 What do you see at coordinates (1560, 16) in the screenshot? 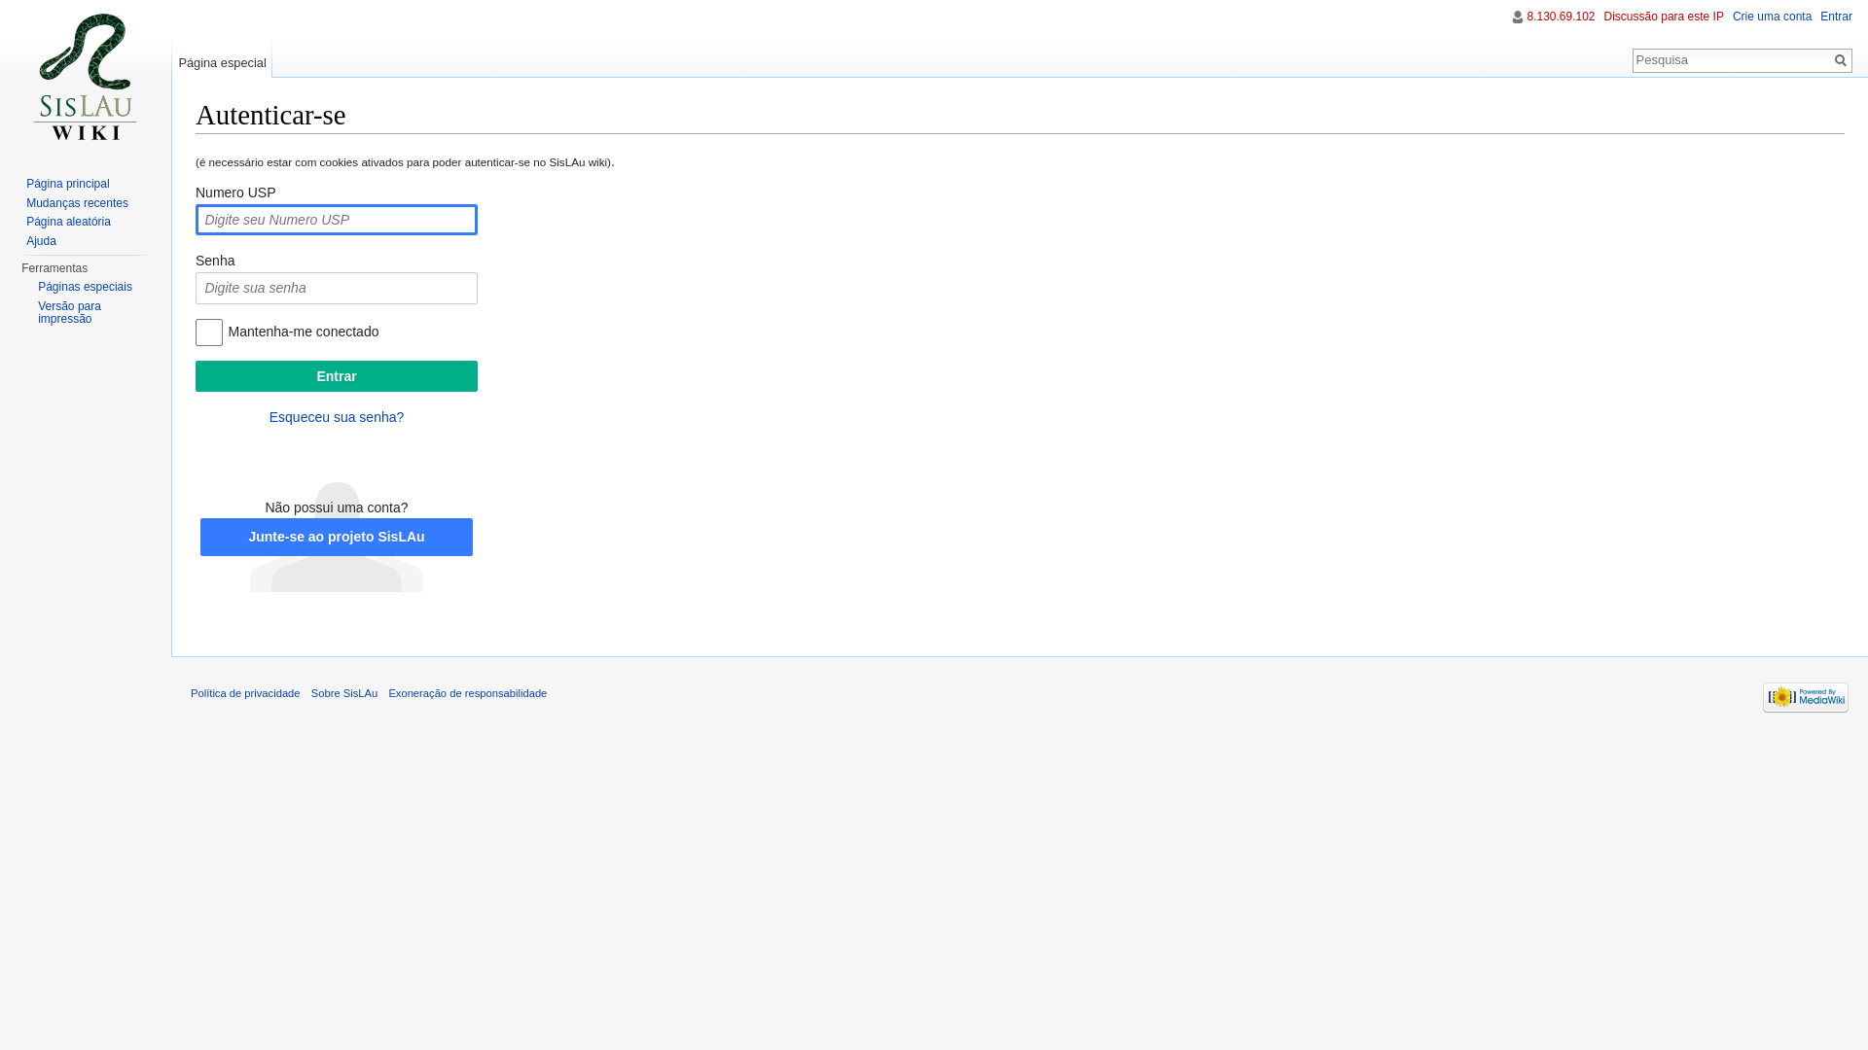
I see `'8.130.69.102'` at bounding box center [1560, 16].